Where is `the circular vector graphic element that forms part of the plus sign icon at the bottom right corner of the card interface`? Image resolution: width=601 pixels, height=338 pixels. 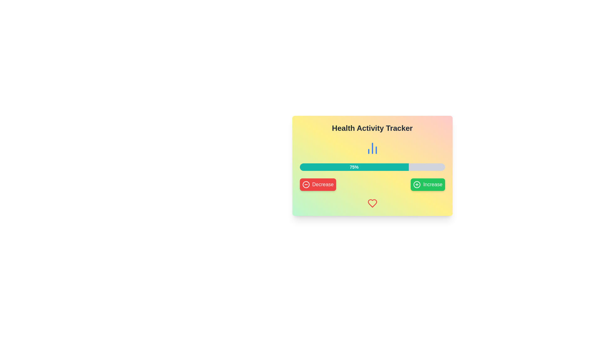
the circular vector graphic element that forms part of the plus sign icon at the bottom right corner of the card interface is located at coordinates (417, 184).